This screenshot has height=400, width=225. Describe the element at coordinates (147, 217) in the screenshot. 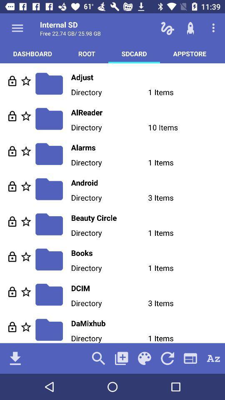

I see `the item below directory icon` at that location.